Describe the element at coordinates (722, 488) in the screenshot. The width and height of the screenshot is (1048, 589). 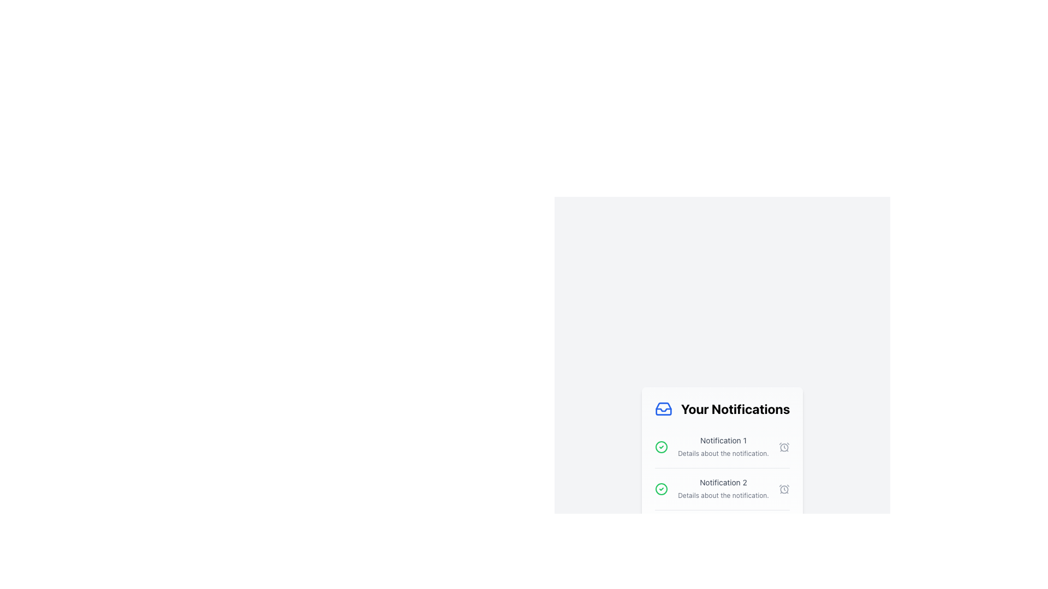
I see `the second notification entry` at that location.